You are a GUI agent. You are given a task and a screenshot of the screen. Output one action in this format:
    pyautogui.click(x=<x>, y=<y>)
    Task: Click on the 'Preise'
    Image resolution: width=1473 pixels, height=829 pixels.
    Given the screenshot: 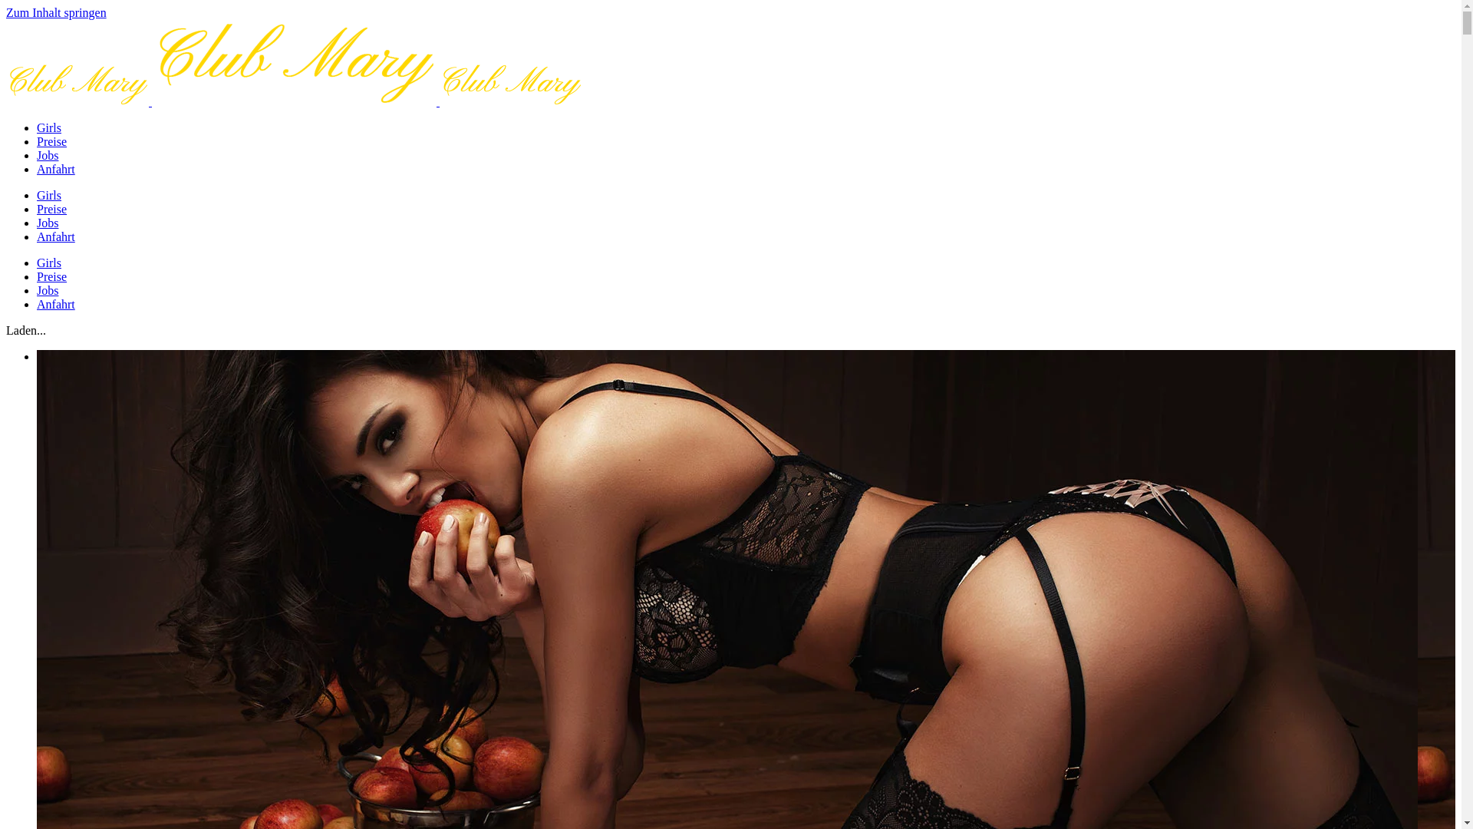 What is the action you would take?
    pyautogui.click(x=51, y=141)
    